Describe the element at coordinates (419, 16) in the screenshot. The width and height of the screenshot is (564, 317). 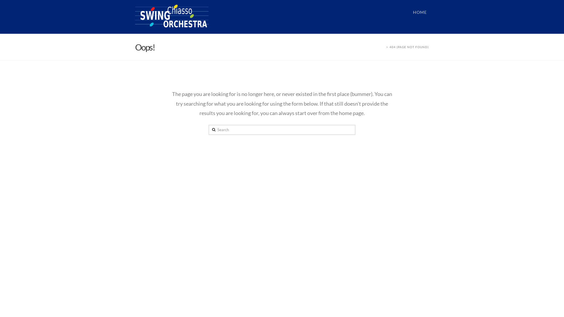
I see `'HOME'` at that location.